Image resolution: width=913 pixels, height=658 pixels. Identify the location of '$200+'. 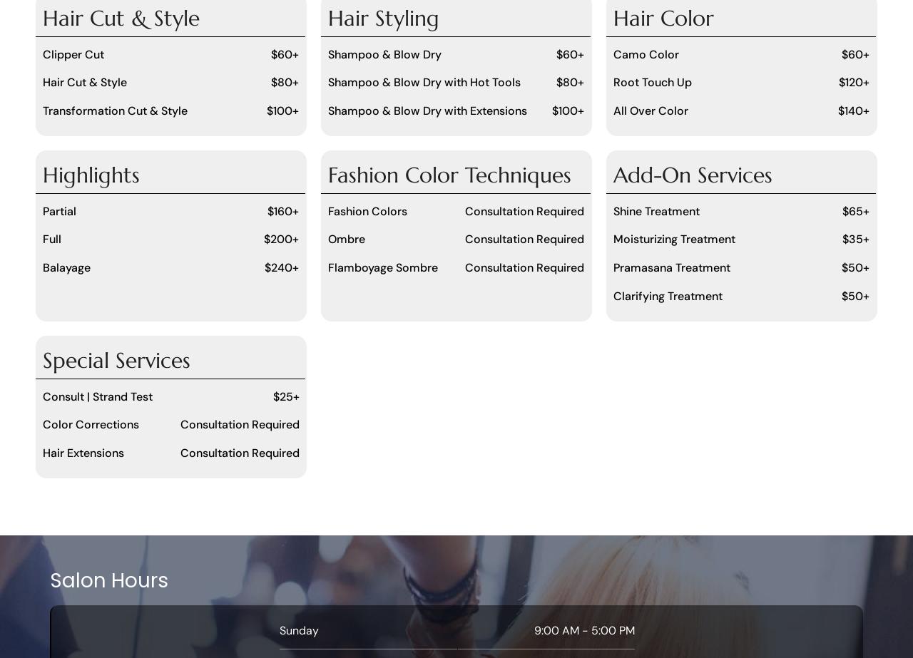
(280, 239).